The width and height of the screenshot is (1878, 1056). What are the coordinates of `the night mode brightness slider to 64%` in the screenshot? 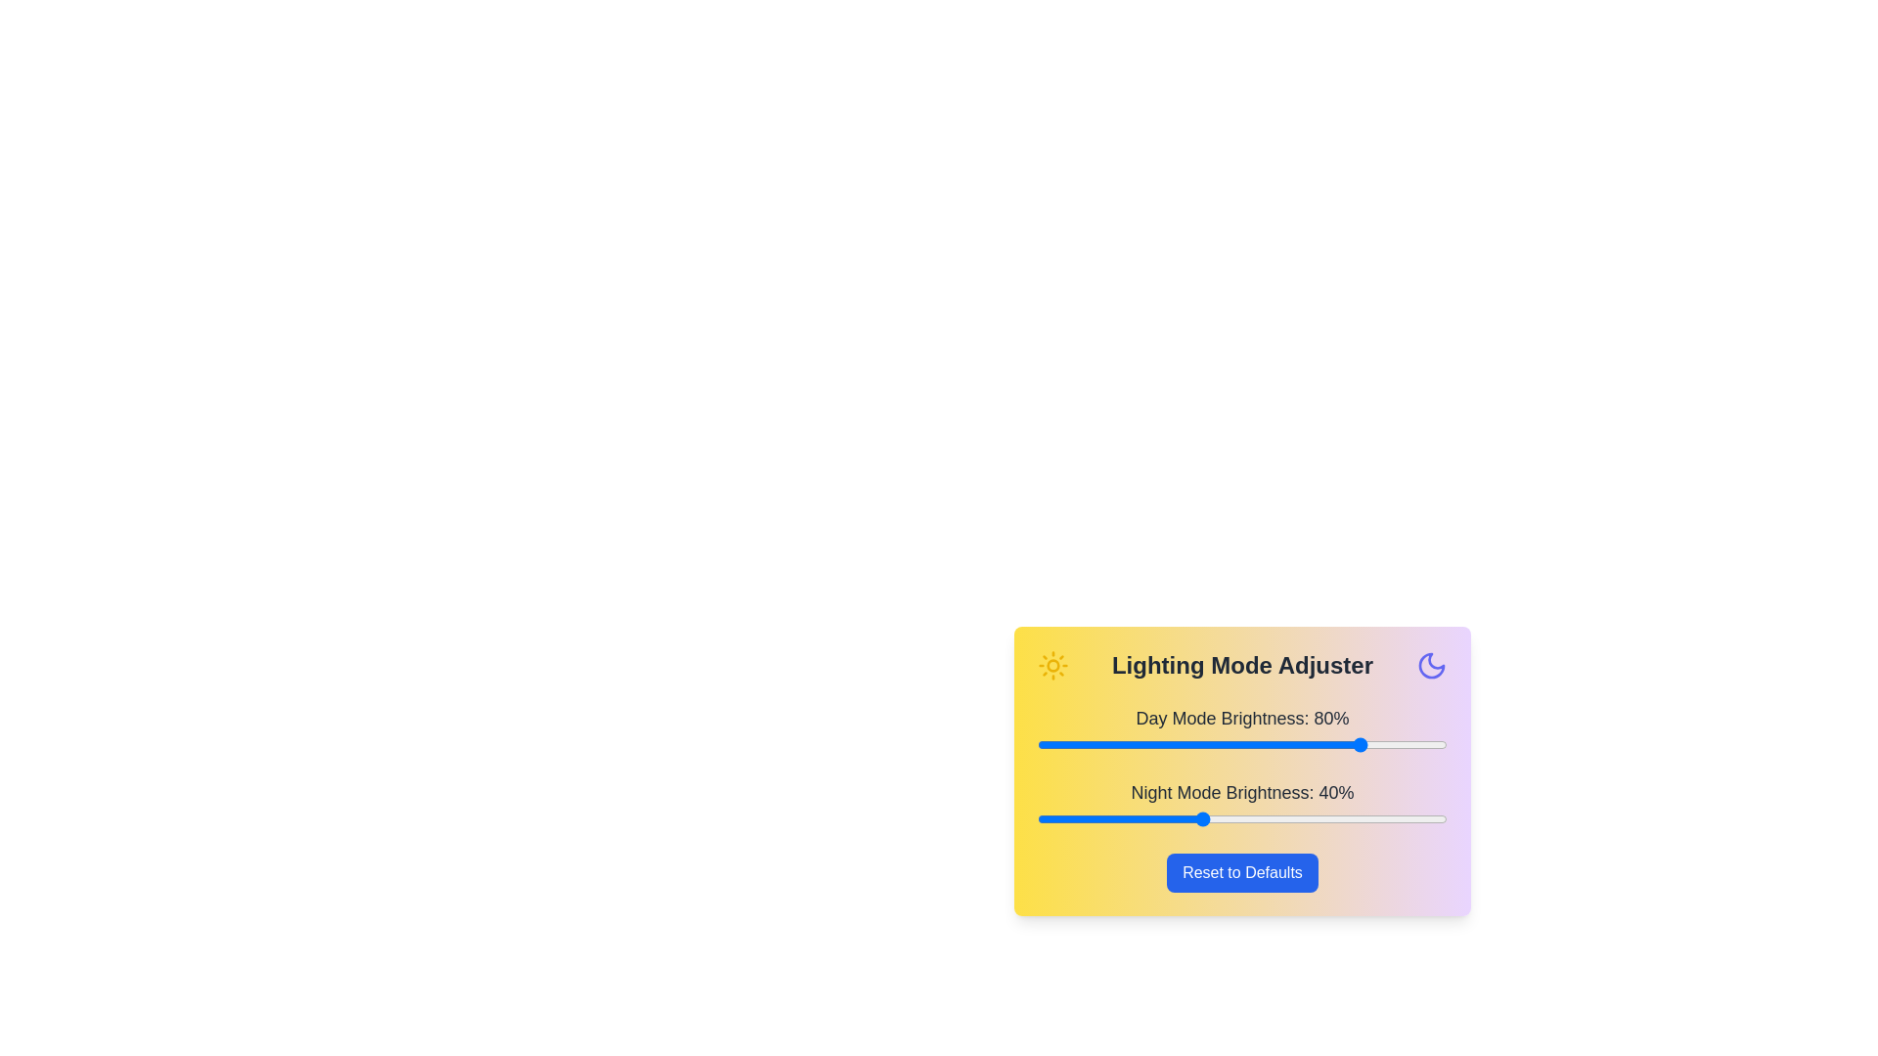 It's located at (1300, 818).